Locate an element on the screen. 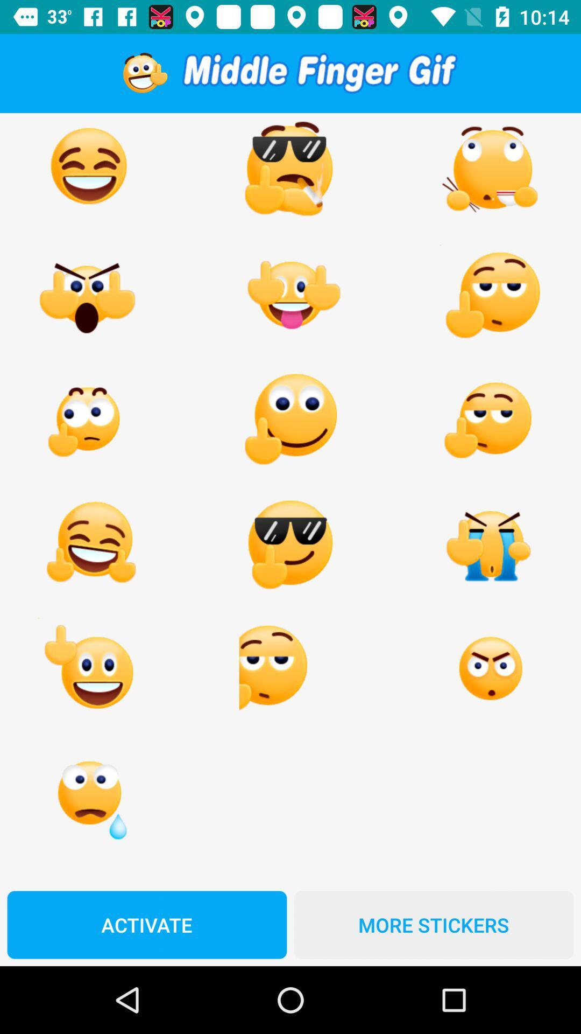 This screenshot has height=1034, width=581. the emoji which is placed at fourth row third column is located at coordinates (491, 544).